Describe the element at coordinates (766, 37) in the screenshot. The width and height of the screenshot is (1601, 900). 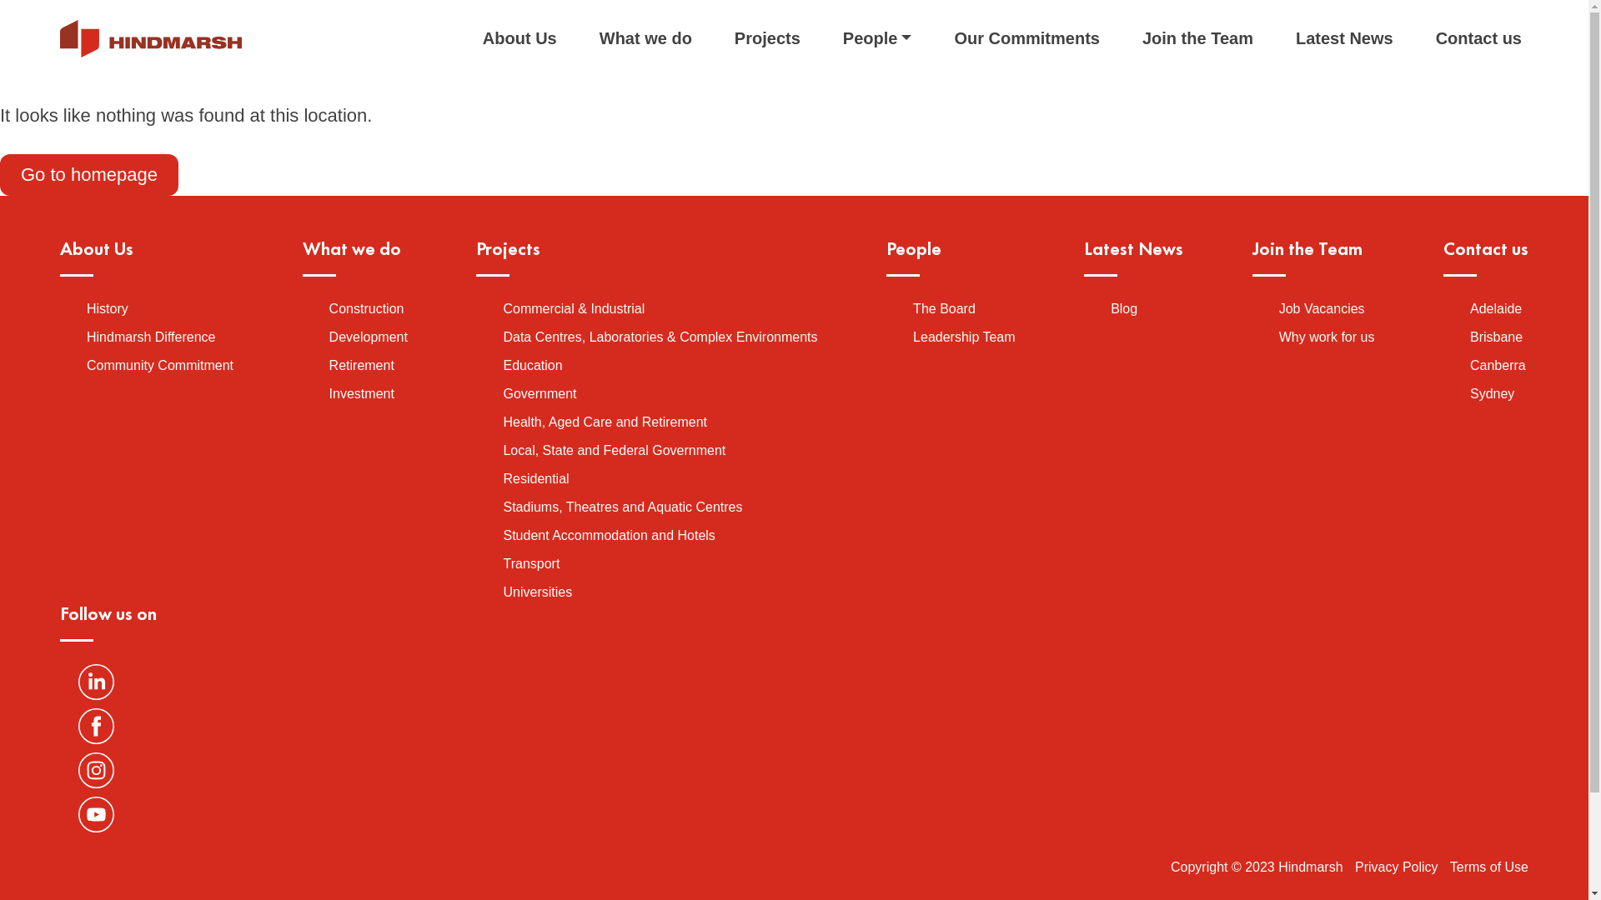
I see `'Projects'` at that location.